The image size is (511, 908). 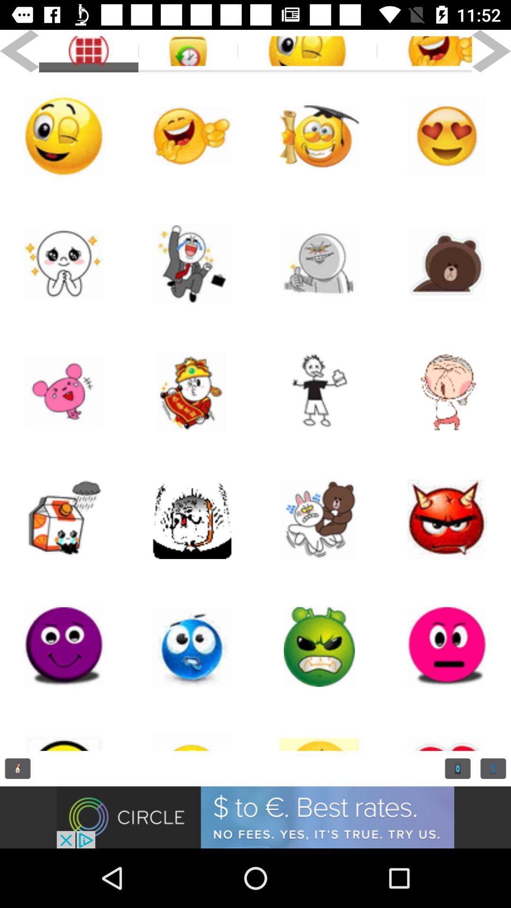 I want to click on icon, so click(x=319, y=519).